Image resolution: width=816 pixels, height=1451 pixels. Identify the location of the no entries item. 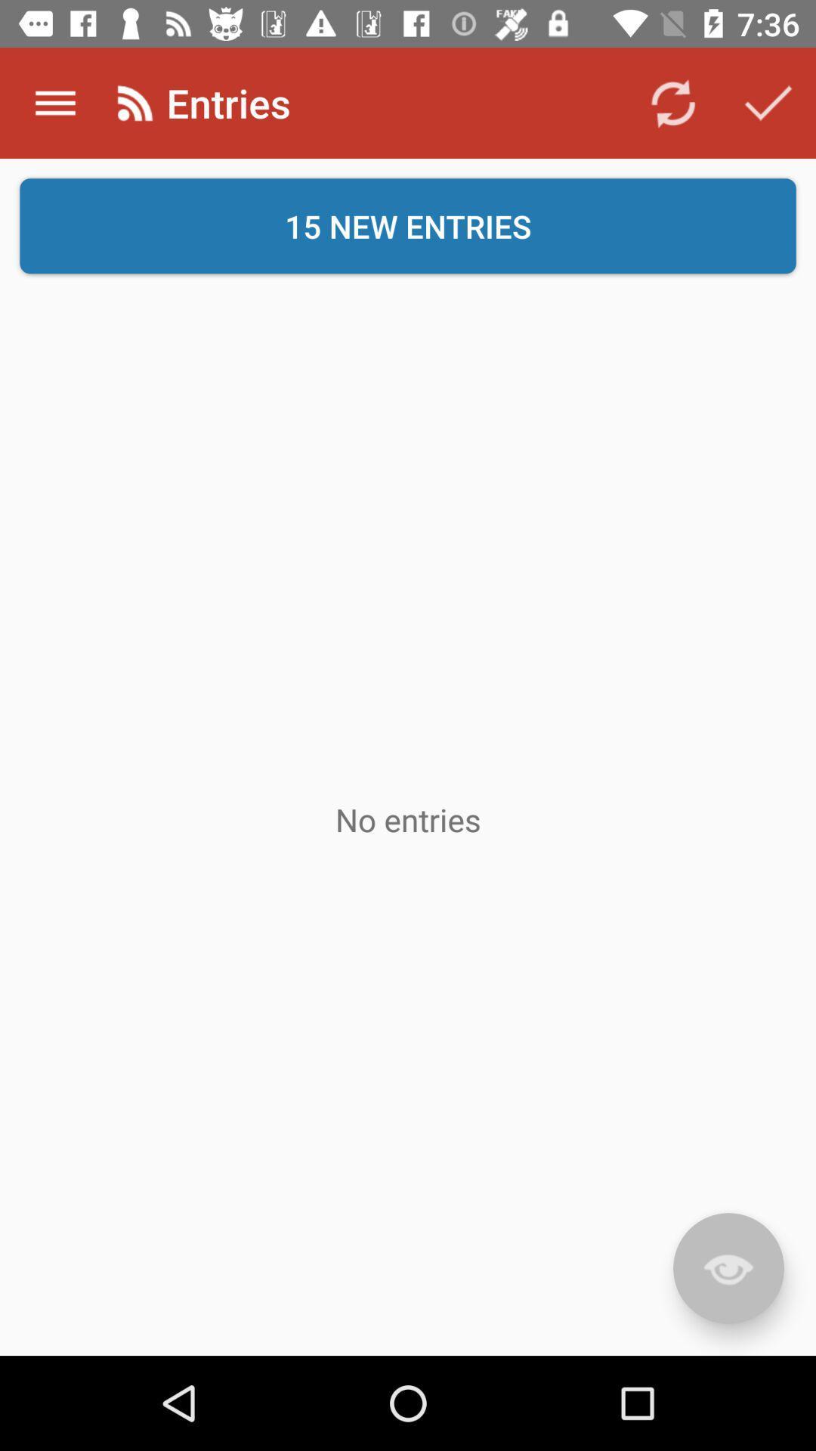
(408, 818).